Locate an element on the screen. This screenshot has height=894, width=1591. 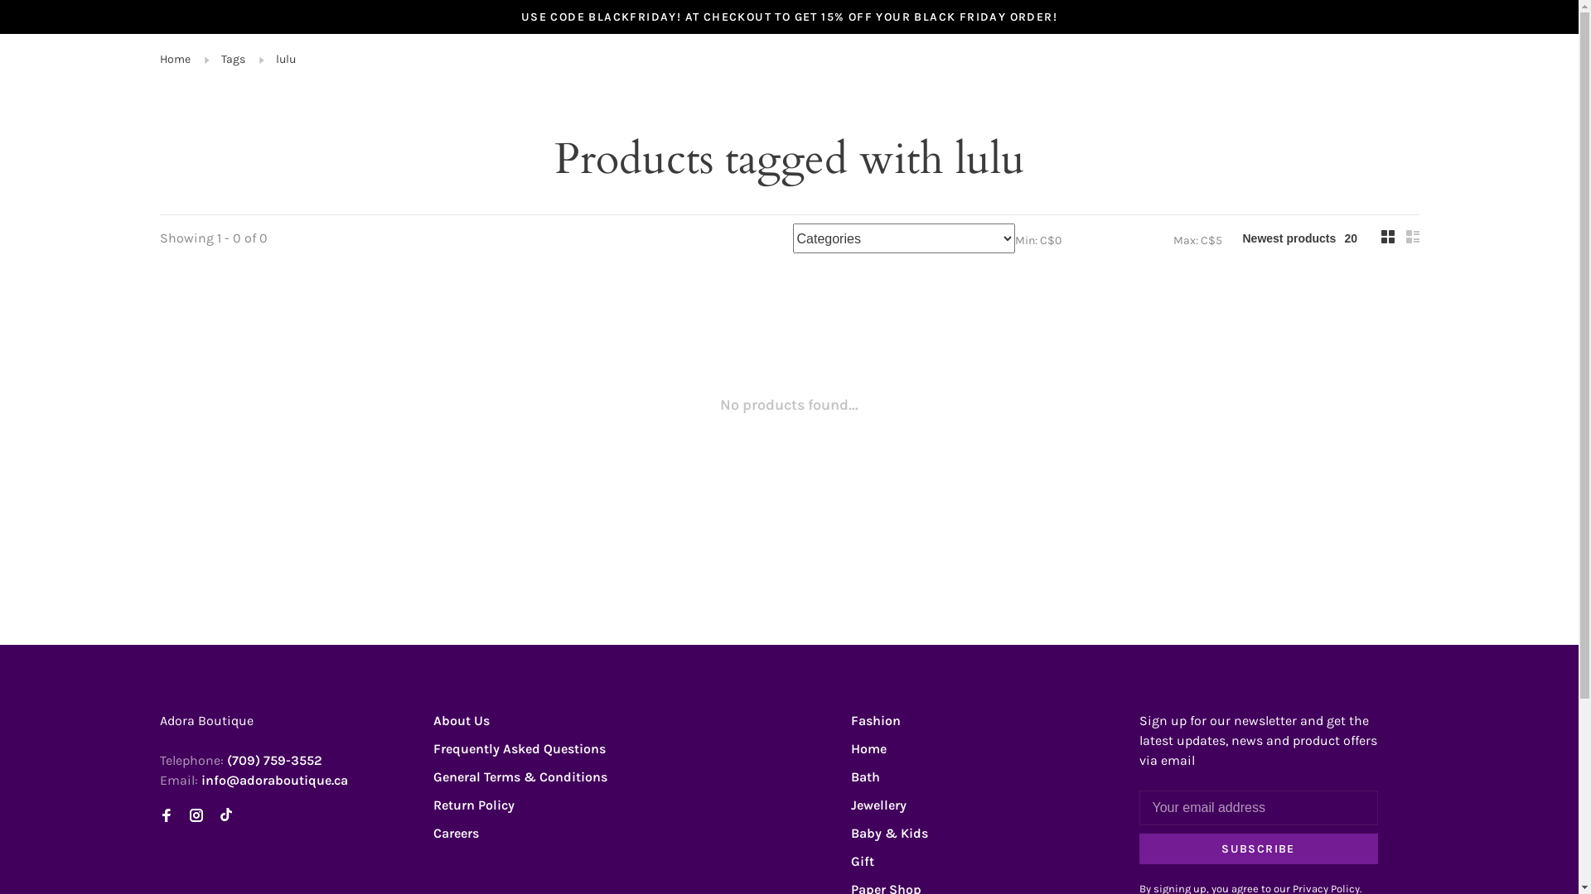
'SUBSCRIBE' is located at coordinates (1257, 848).